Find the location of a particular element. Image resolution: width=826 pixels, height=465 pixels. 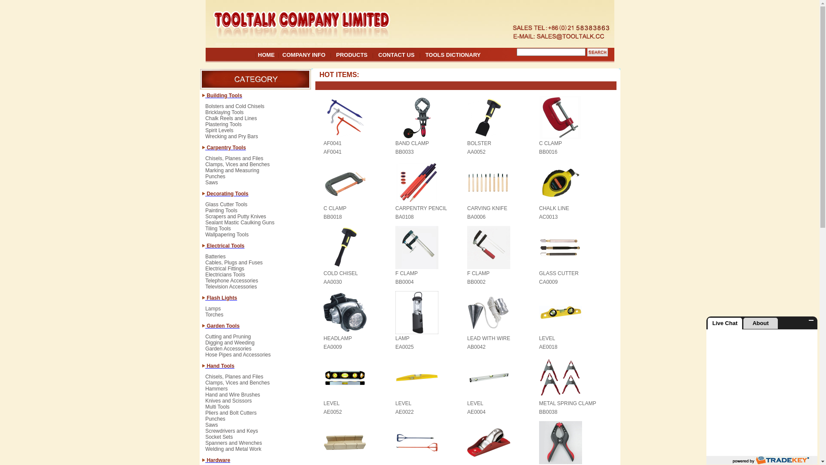

'Electricians Tools' is located at coordinates (225, 277).